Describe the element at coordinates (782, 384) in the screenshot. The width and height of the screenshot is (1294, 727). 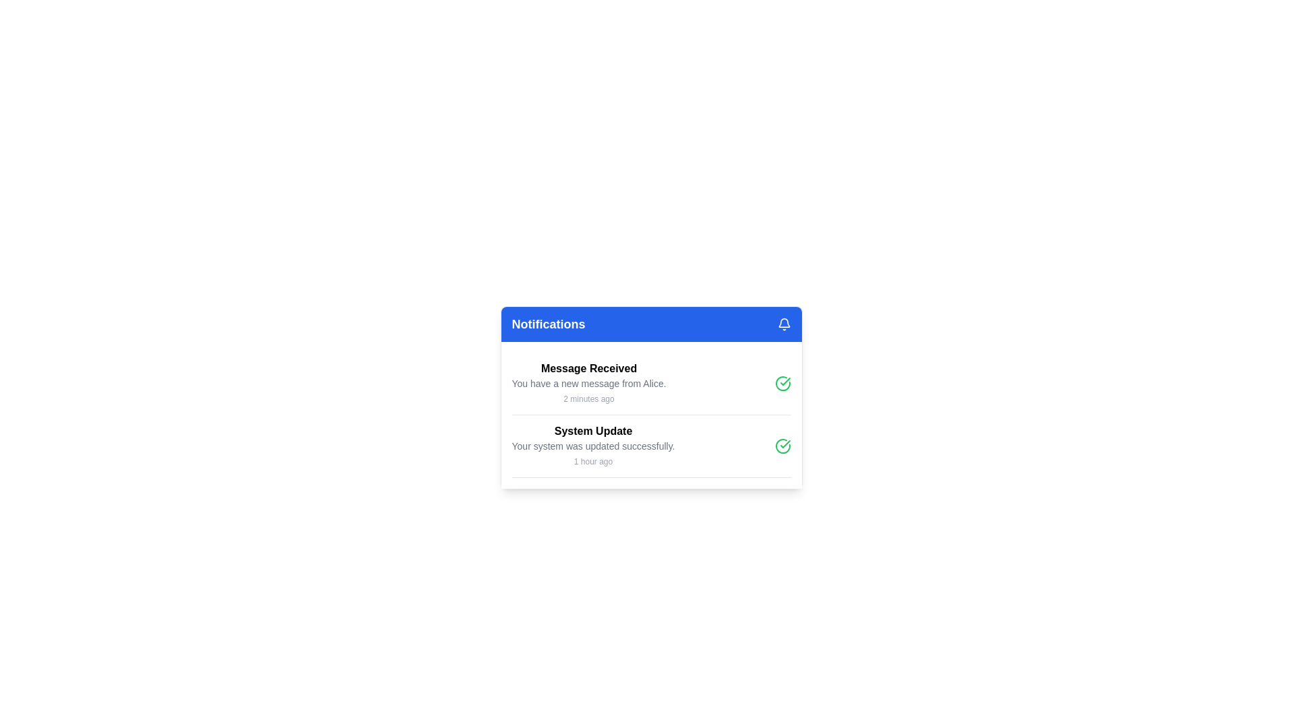
I see `the icon indicating successful completion of a task or message, located at the far right of the first notification item in the list, adjacent to the 'Message Received' title` at that location.